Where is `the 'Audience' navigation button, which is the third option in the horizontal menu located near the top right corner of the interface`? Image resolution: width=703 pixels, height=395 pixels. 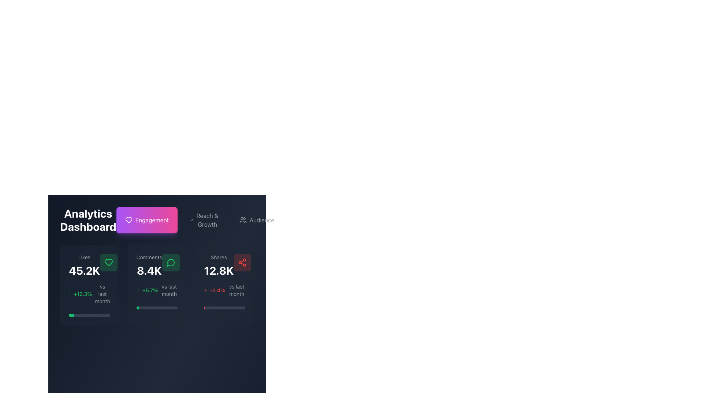 the 'Audience' navigation button, which is the third option in the horizontal menu located near the top right corner of the interface is located at coordinates (257, 219).